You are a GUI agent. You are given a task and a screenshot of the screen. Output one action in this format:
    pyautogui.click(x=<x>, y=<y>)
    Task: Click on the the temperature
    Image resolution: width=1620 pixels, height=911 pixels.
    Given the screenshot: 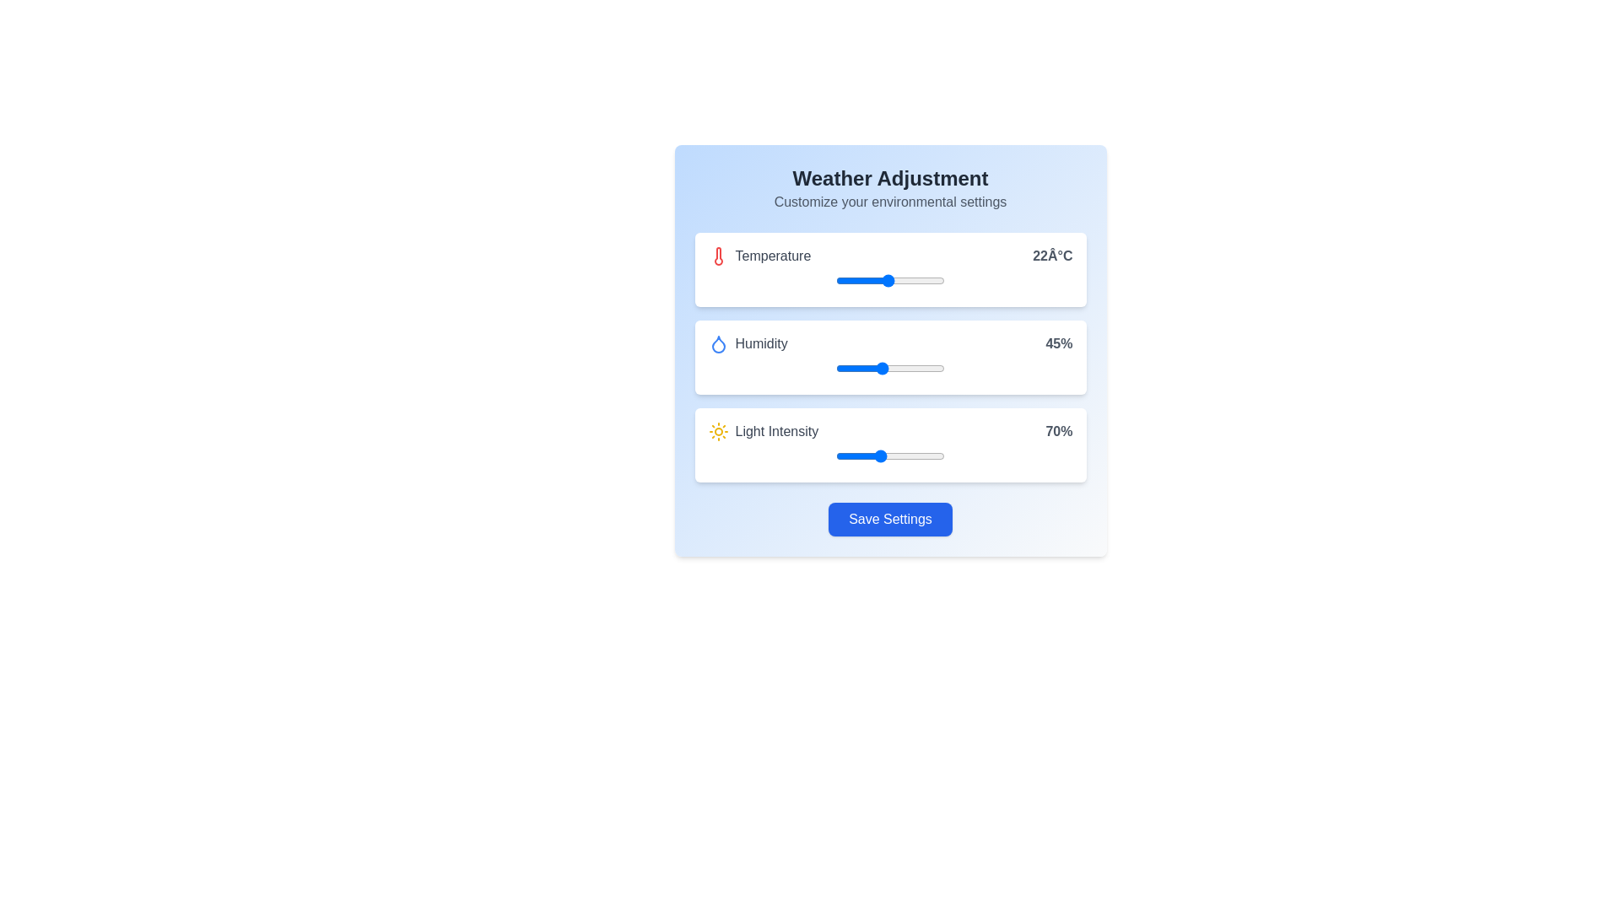 What is the action you would take?
    pyautogui.click(x=900, y=279)
    